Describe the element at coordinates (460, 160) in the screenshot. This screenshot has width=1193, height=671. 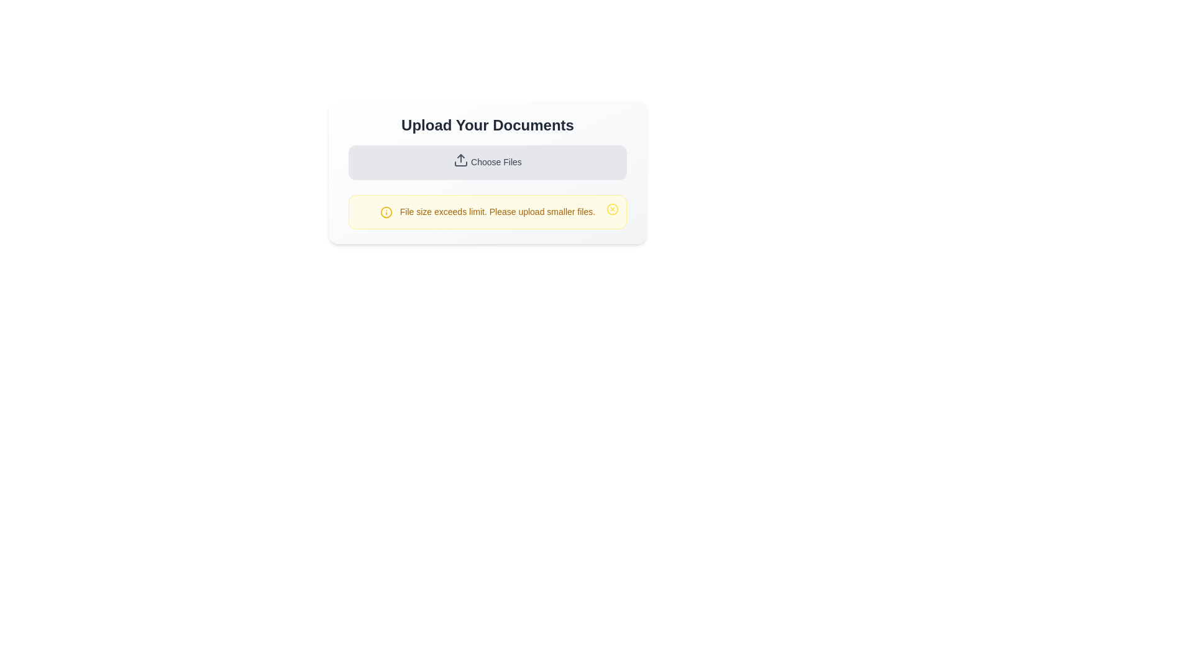
I see `the 'Choose Files' button that contains the upload icon represented by a square shape with an upward-pointing arrow, styled in gray color` at that location.